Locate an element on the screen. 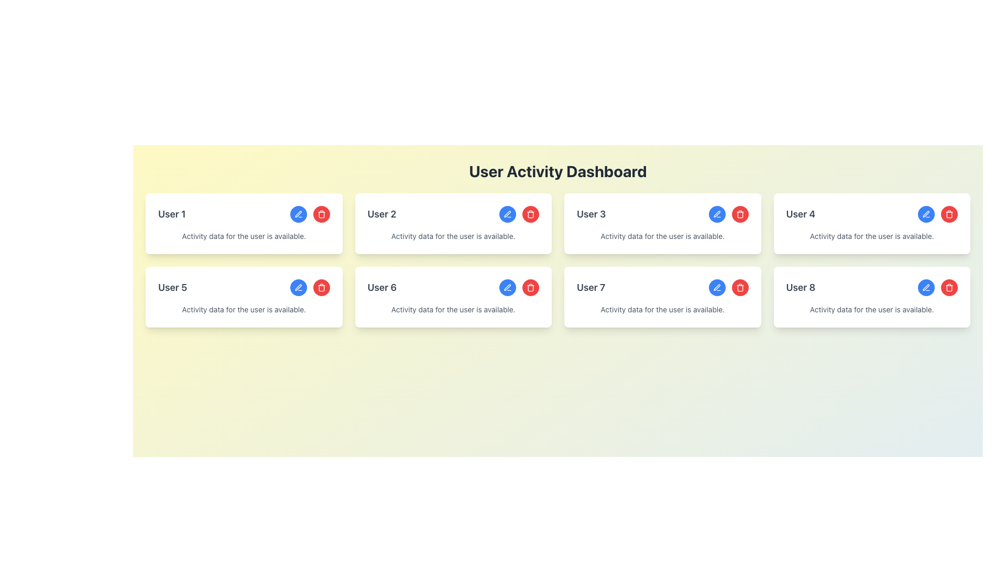 The height and width of the screenshot is (566, 1006). the circular button located to the right side within the row of actions is located at coordinates (530, 213).